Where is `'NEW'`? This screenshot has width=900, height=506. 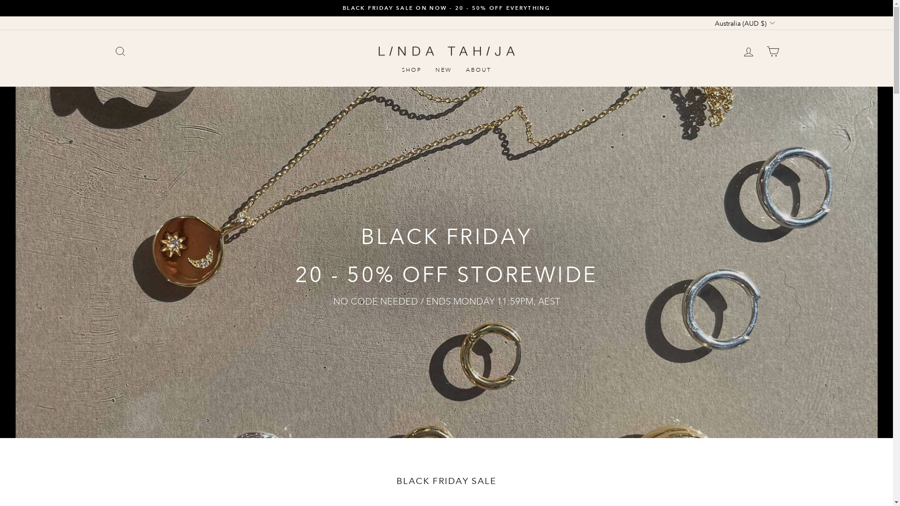 'NEW' is located at coordinates (443, 70).